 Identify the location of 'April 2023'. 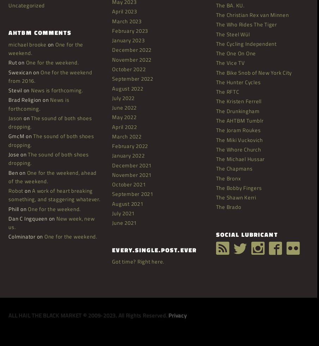
(112, 11).